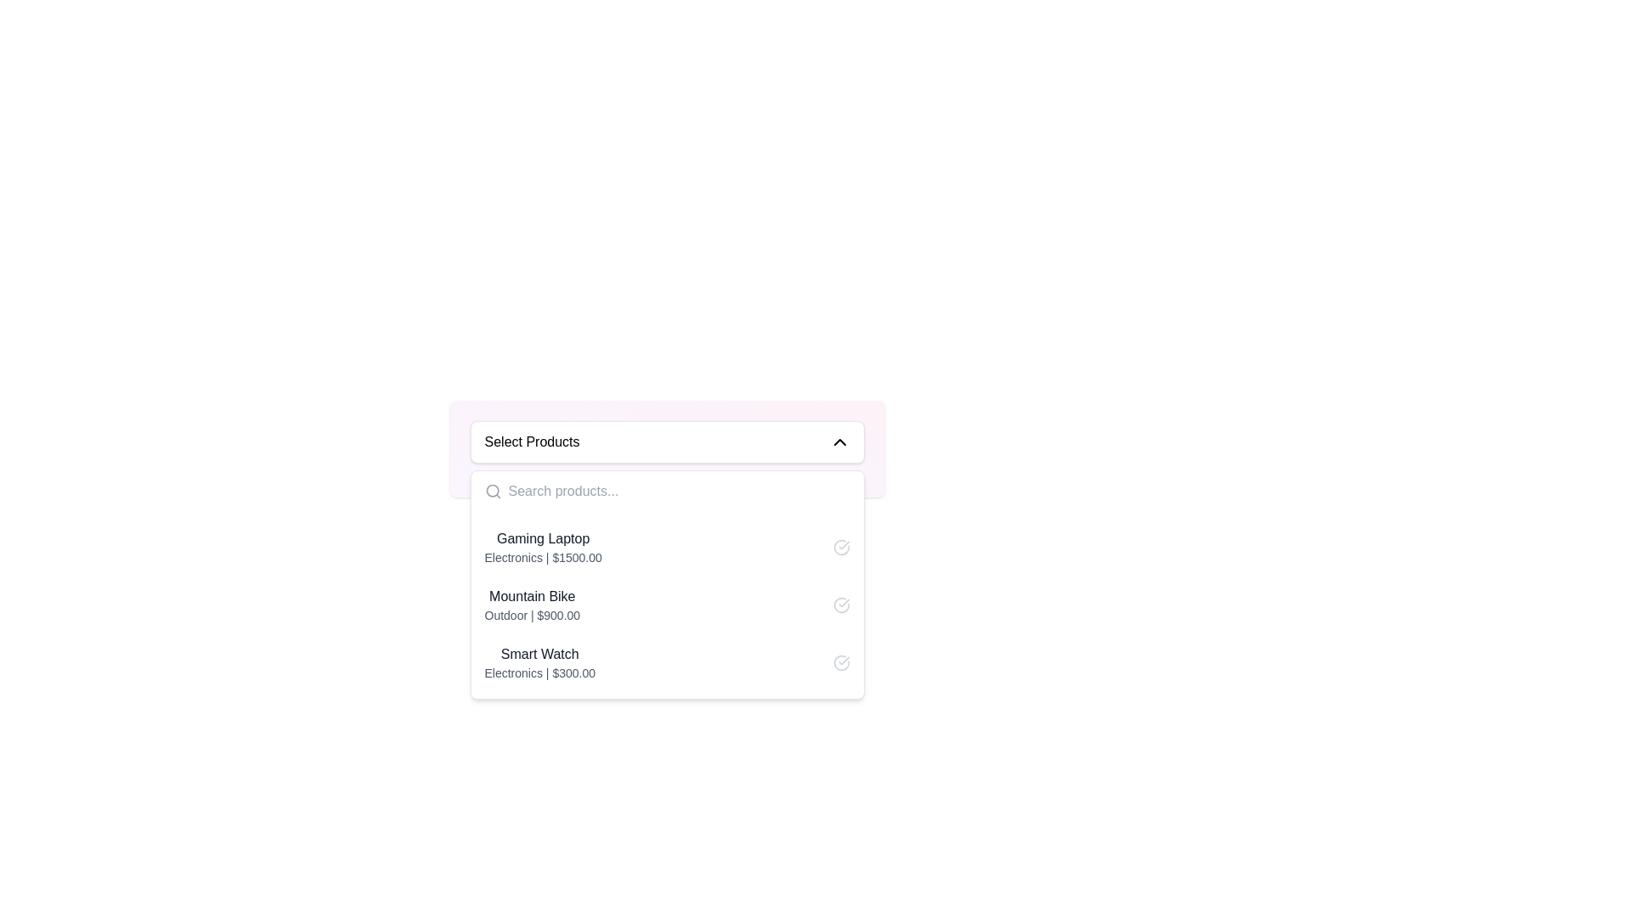  I want to click on the 'Gaming Laptop' text label, which is the first item, so click(542, 547).